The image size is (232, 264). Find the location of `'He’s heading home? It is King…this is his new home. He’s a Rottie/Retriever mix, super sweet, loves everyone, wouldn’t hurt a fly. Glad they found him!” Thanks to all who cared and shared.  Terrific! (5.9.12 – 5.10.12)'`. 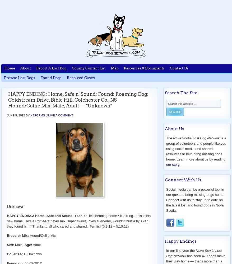

'He’s heading home? It is King…this is his new home. He’s a Rottie/Retriever mix, super sweet, loves everyone, wouldn’t hurt a fly. Glad they found him!” Thanks to all who cared and shared.  Terrific! (5.9.12 – 5.10.12)' is located at coordinates (78, 220).